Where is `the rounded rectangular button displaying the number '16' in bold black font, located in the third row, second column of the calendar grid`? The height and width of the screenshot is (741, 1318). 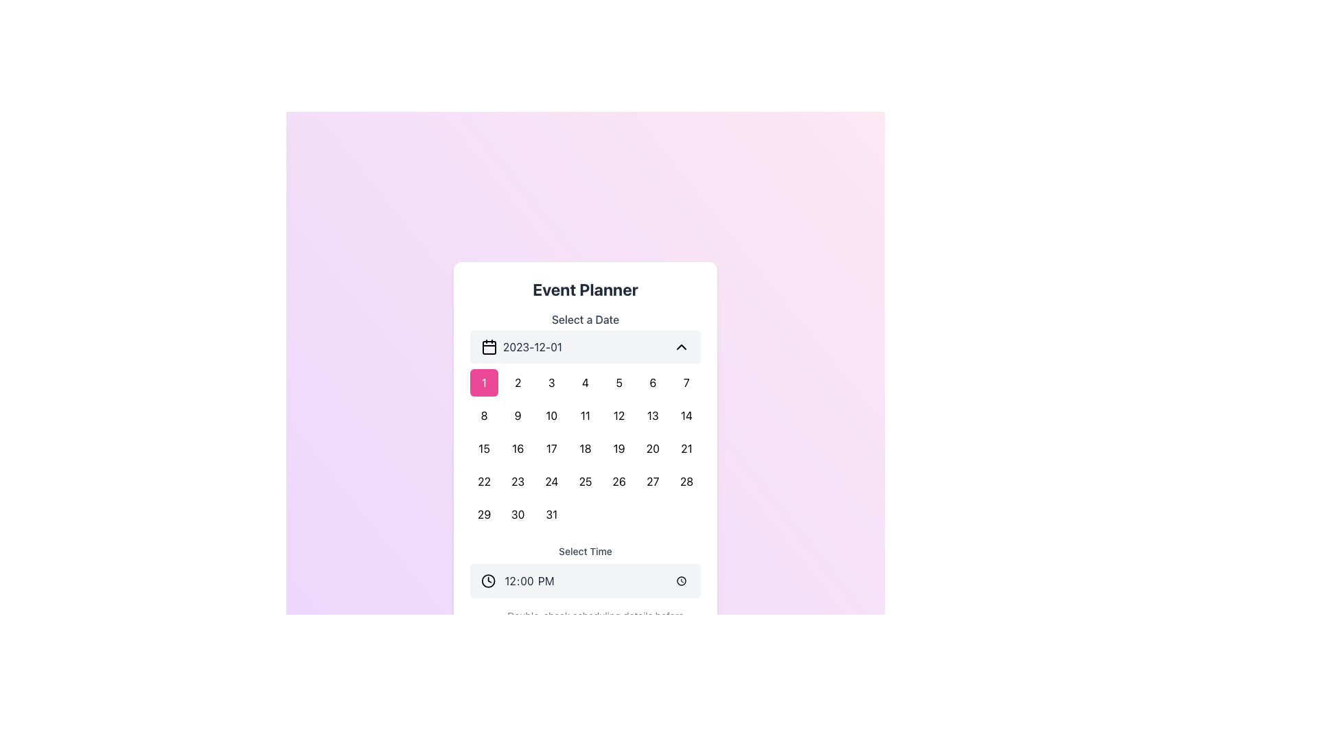
the rounded rectangular button displaying the number '16' in bold black font, located in the third row, second column of the calendar grid is located at coordinates (517, 449).